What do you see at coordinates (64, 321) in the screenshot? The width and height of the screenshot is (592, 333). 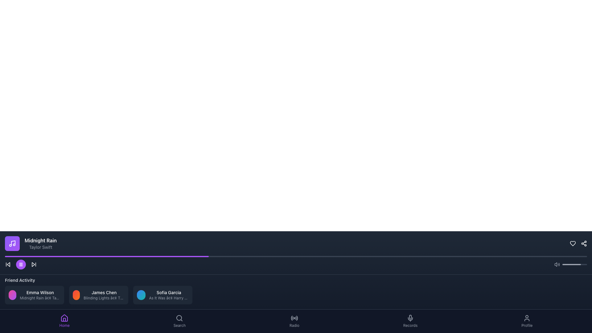 I see `the 'Home' button, which features a house icon and the text 'Home' in purple, located in the bottom navigation bar` at bounding box center [64, 321].